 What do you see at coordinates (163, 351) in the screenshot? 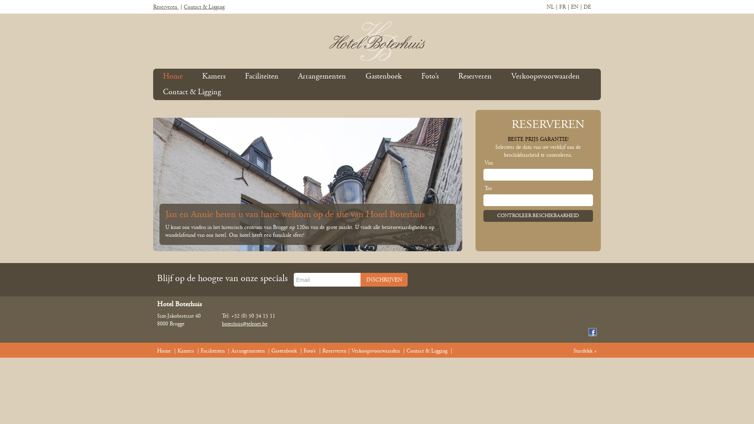
I see `'Home'` at bounding box center [163, 351].